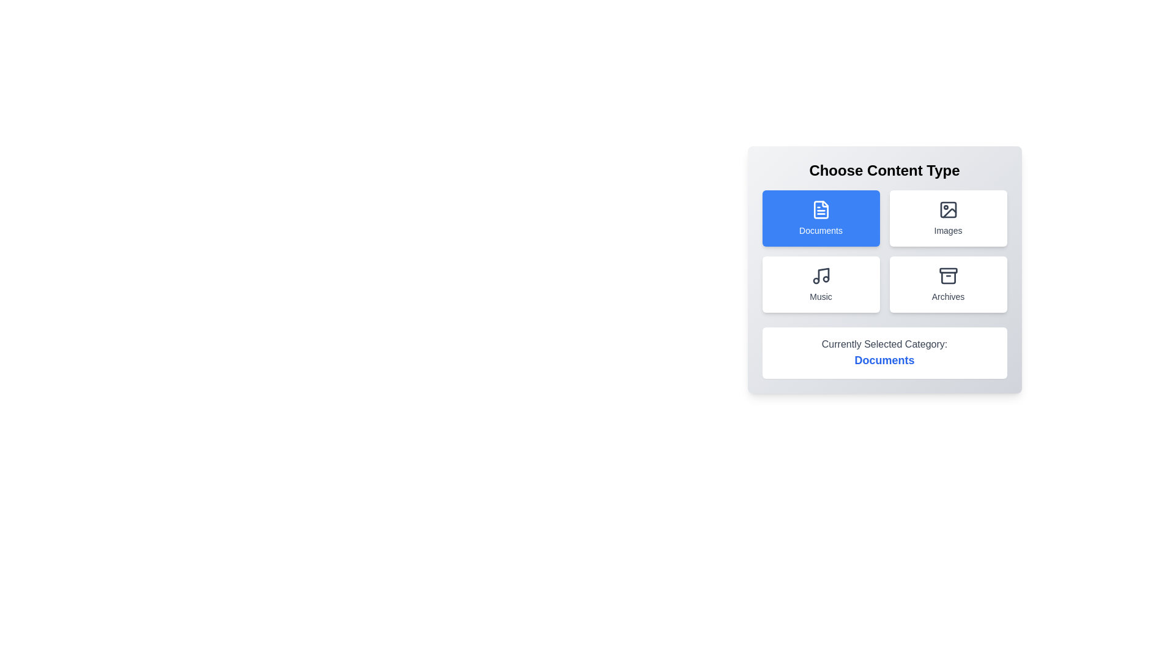 This screenshot has height=661, width=1175. I want to click on the category Images by clicking on its button, so click(947, 218).